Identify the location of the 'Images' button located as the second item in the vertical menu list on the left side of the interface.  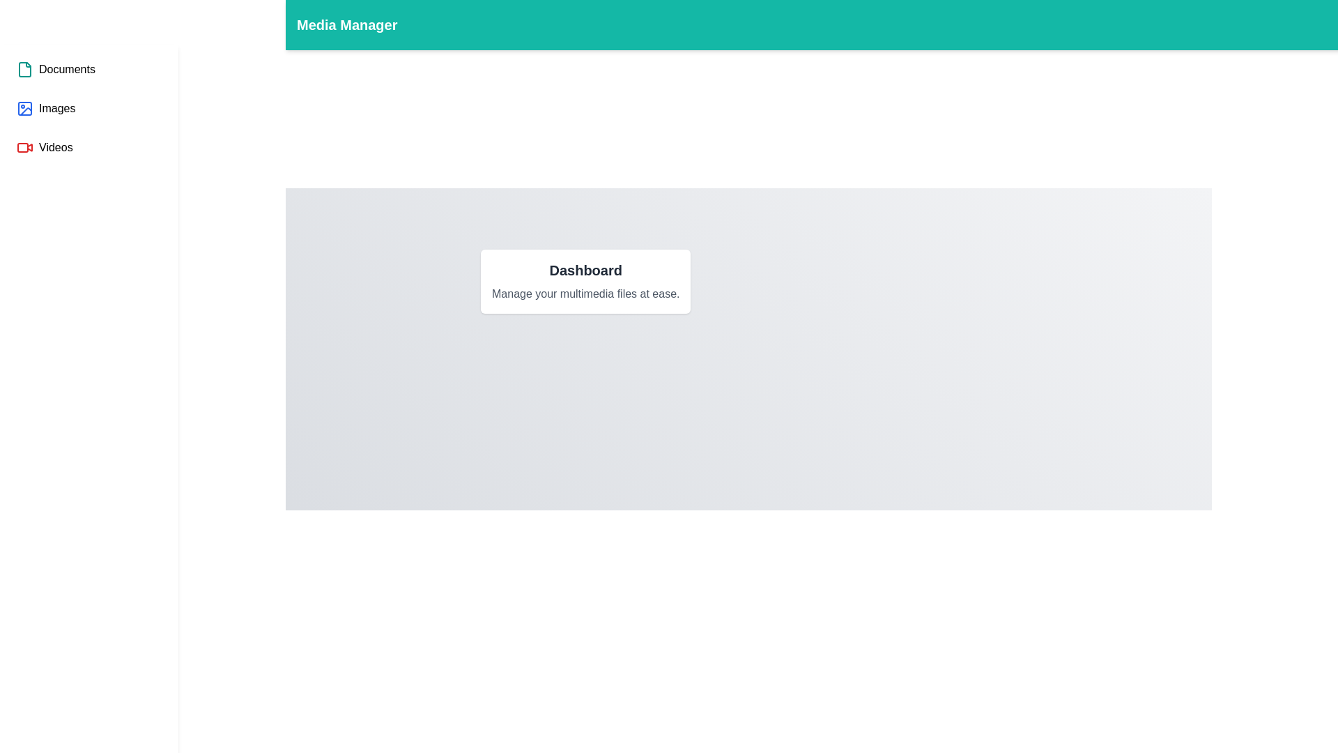
(46, 107).